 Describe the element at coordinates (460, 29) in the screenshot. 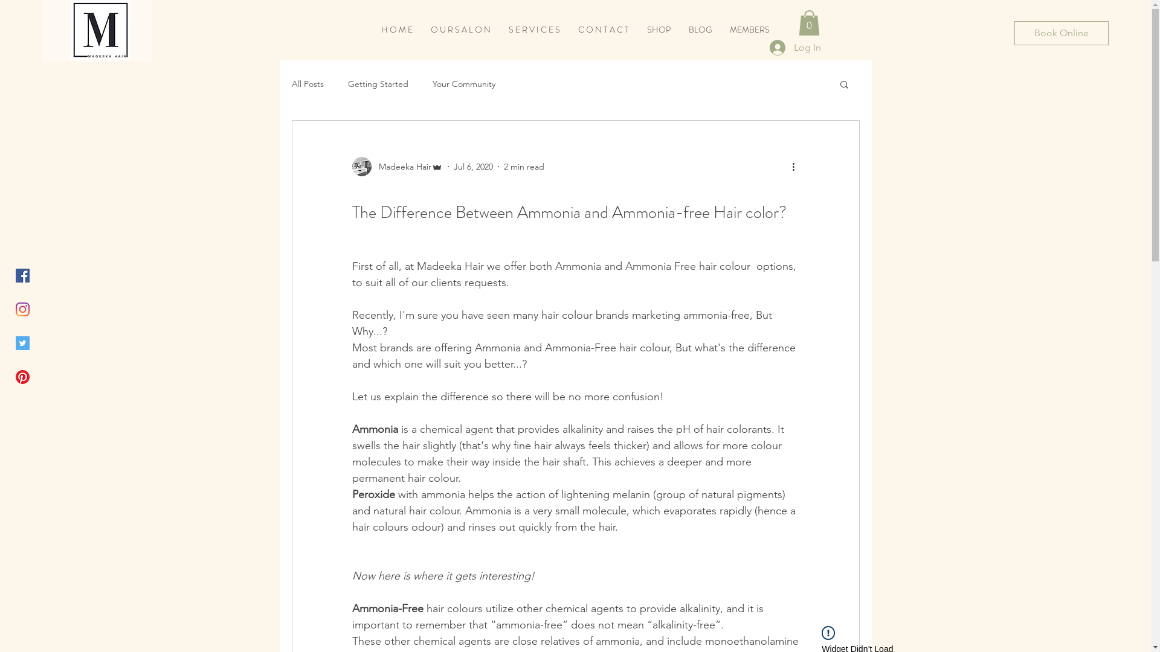

I see `'O U R S A L O N'` at that location.